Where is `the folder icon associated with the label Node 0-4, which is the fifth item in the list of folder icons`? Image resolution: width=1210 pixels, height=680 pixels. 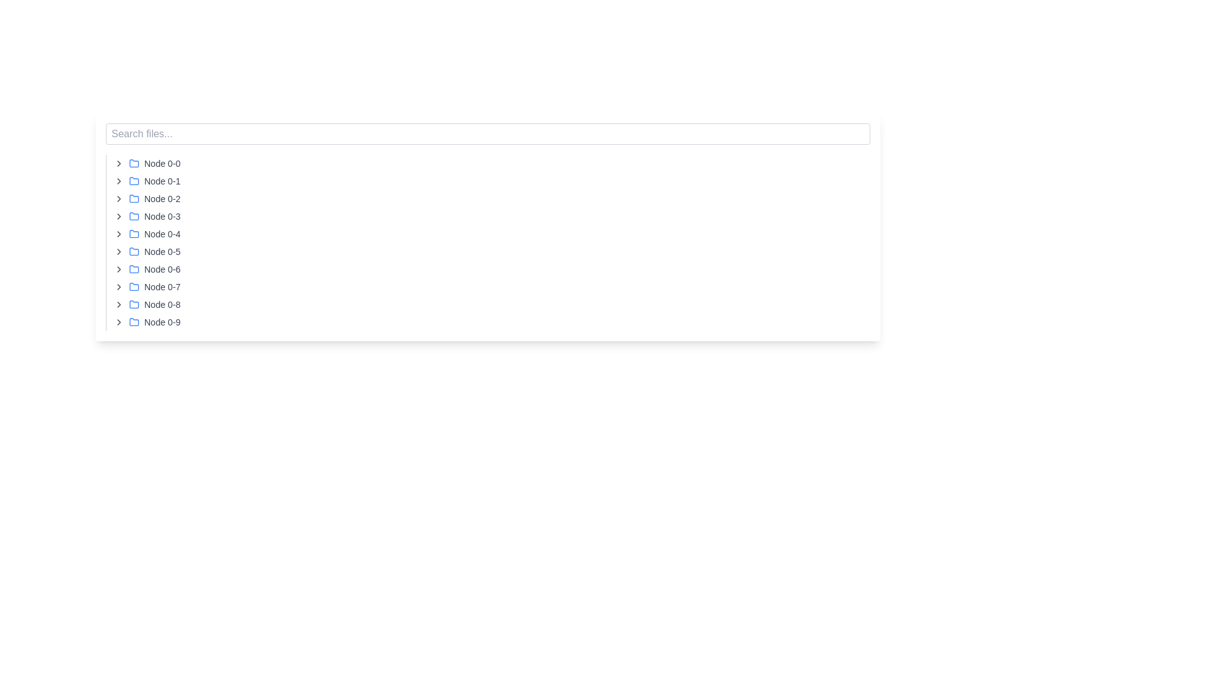
the folder icon associated with the label Node 0-4, which is the fifth item in the list of folder icons is located at coordinates (134, 233).